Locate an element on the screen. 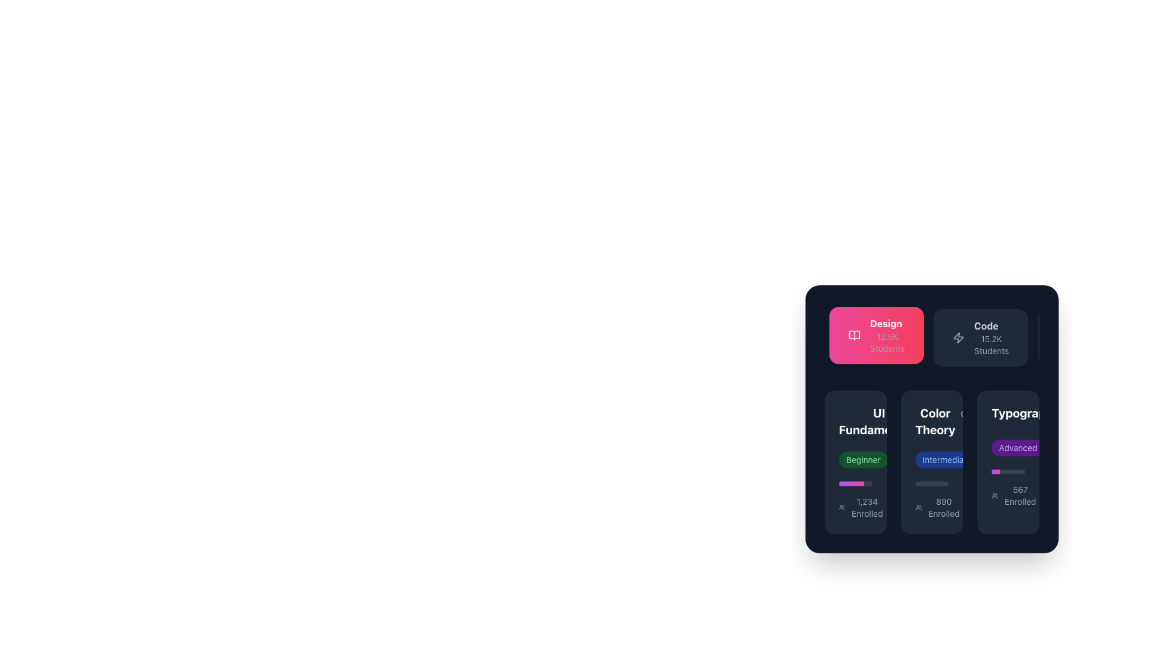 The image size is (1149, 646). the visual changes of the Progress bar located in the 'Color Theory' section at the bottom, which indicates the percentage of completion for the course is located at coordinates (931, 483).